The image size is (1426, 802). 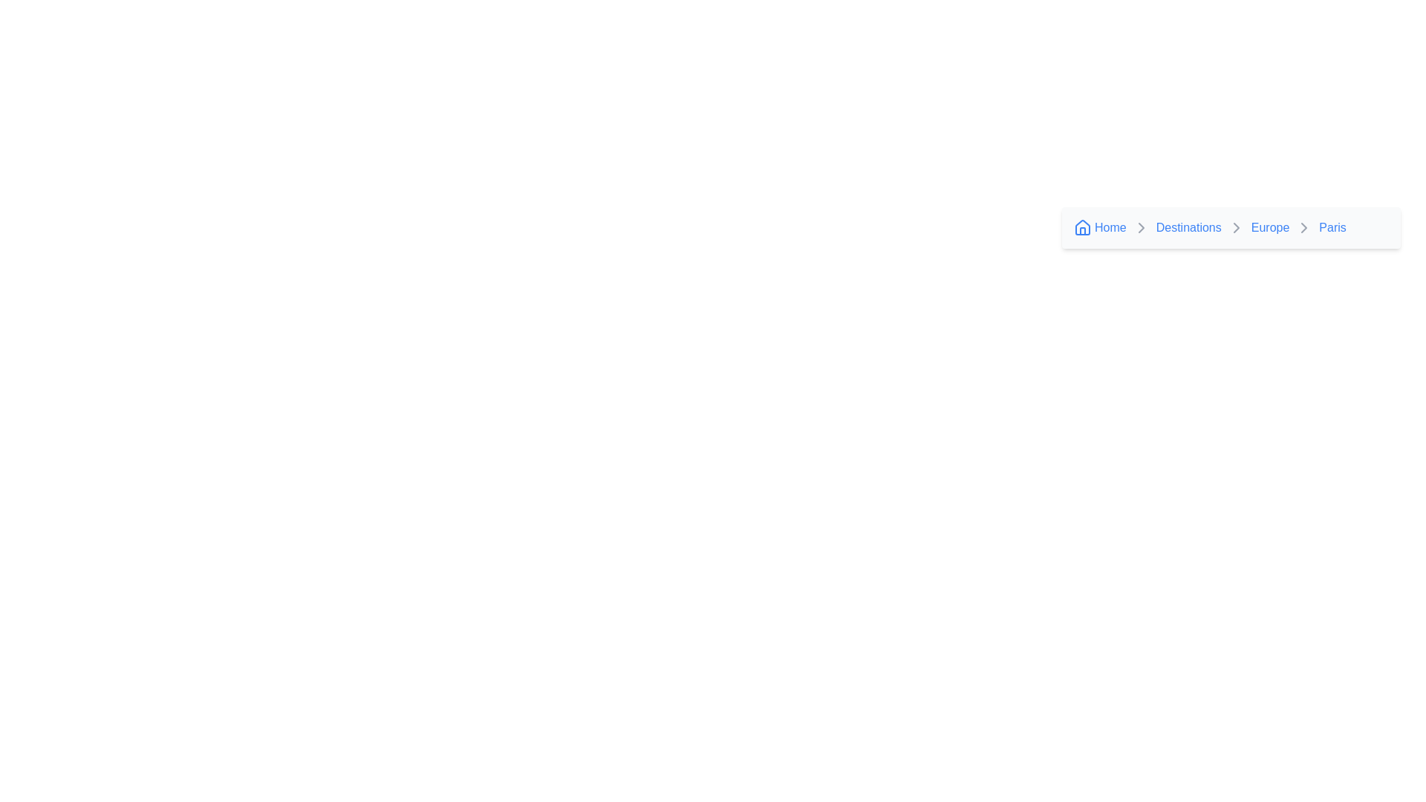 What do you see at coordinates (1231, 228) in the screenshot?
I see `the hyperlink 'Europe' in the Breadcrumb Navigation Bar, which has a light gray background and includes the words 'Home', 'Destinations', 'Europe', and 'Paris'` at bounding box center [1231, 228].